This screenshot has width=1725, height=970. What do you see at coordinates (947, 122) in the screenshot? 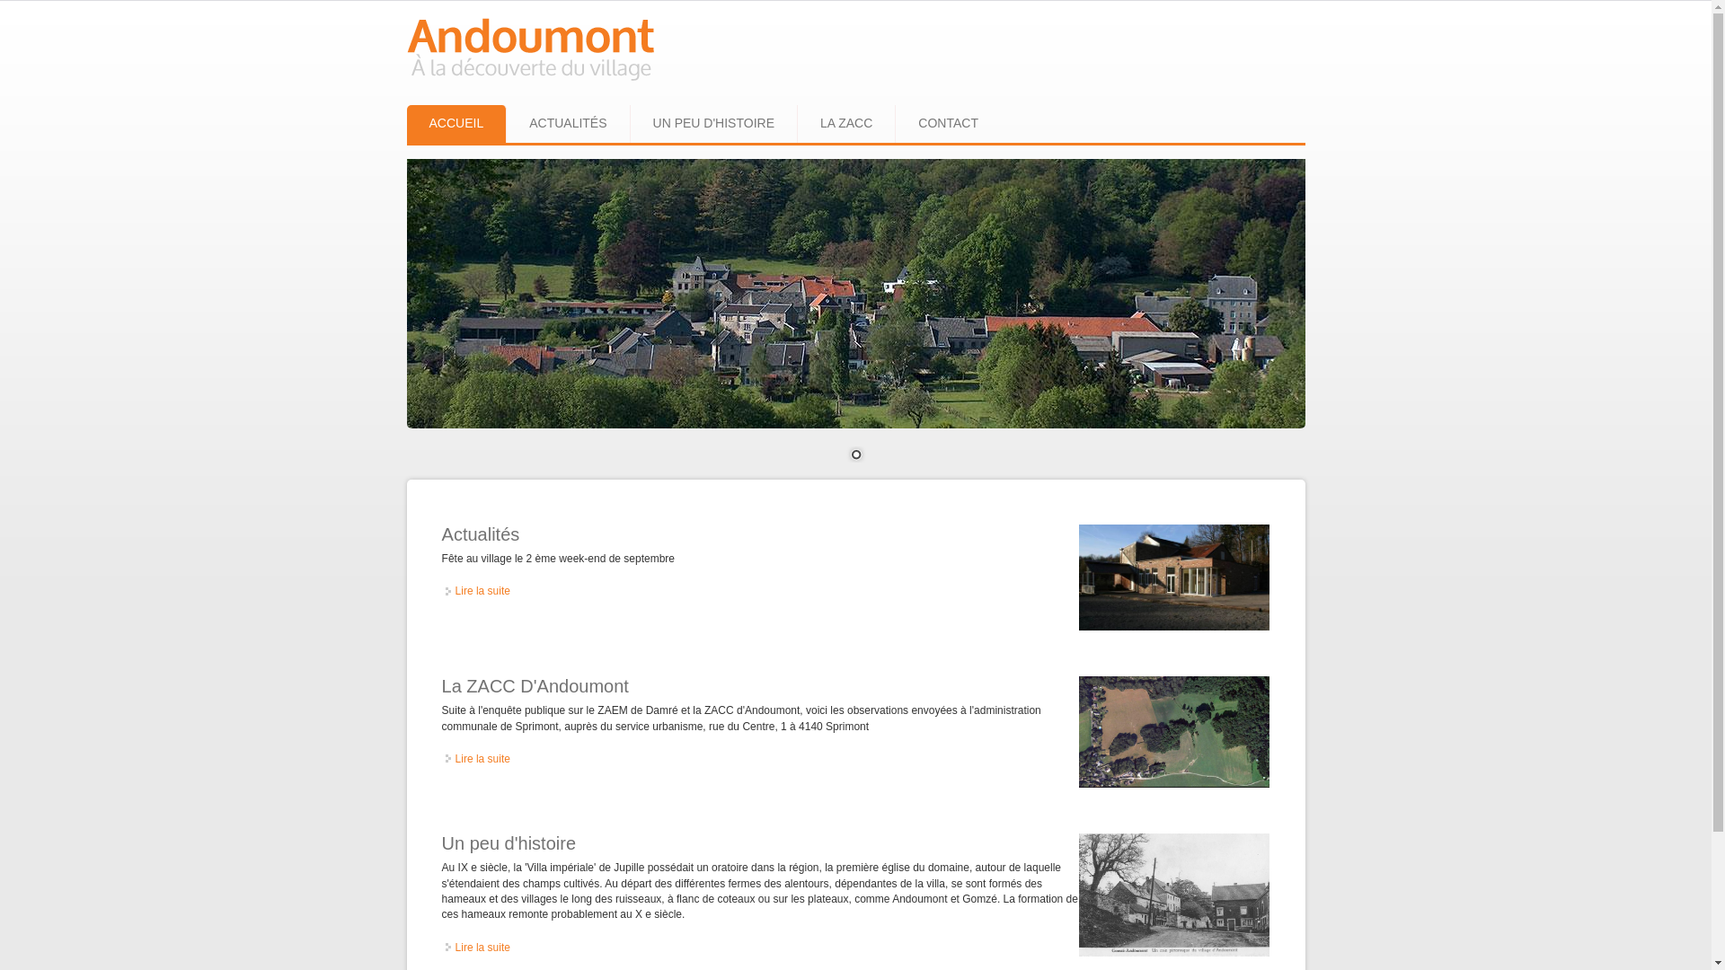
I see `'CONTACT'` at bounding box center [947, 122].